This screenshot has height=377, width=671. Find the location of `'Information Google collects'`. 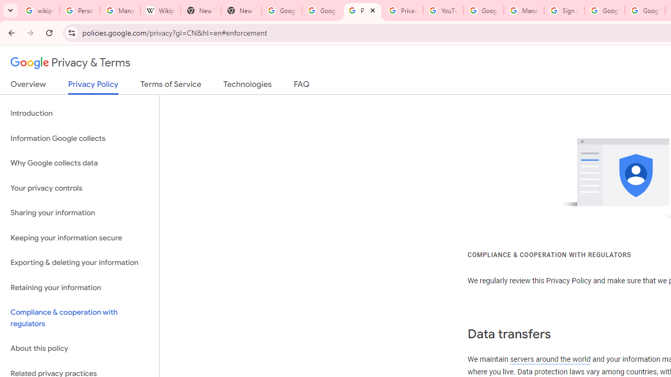

'Information Google collects' is located at coordinates (79, 138).